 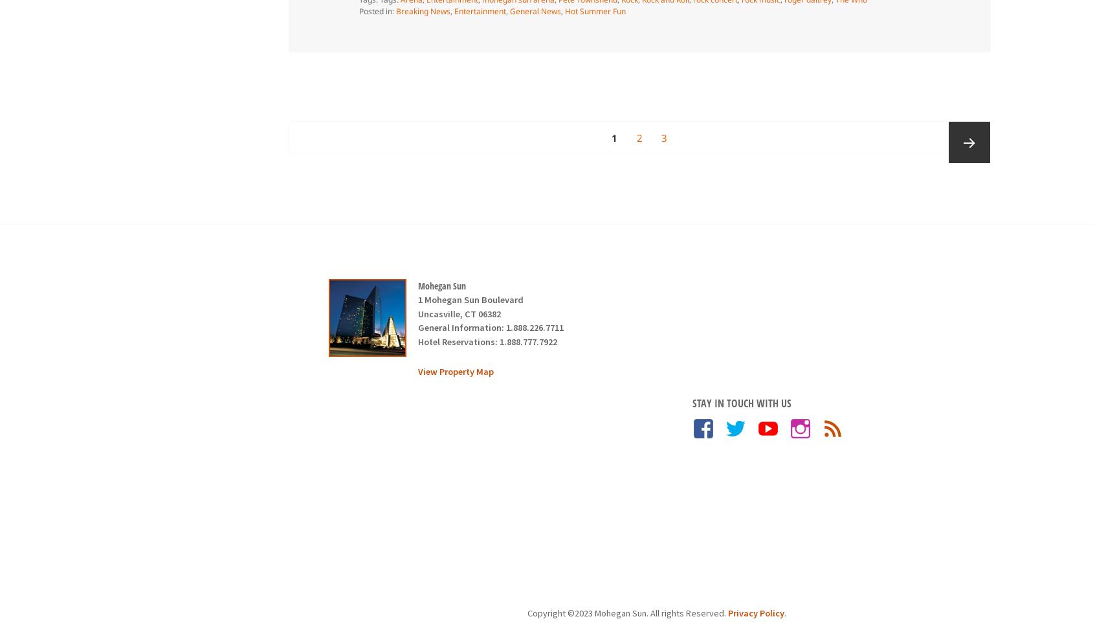 What do you see at coordinates (535, 10) in the screenshot?
I see `'General News'` at bounding box center [535, 10].